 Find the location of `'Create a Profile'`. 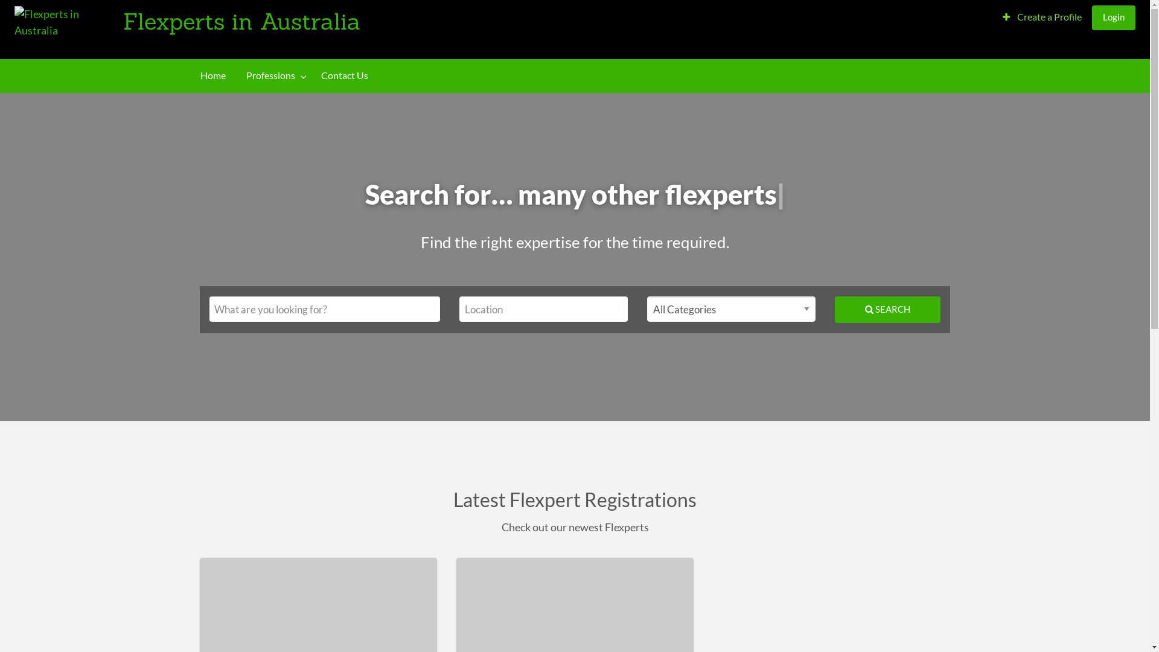

'Create a Profile' is located at coordinates (1041, 17).